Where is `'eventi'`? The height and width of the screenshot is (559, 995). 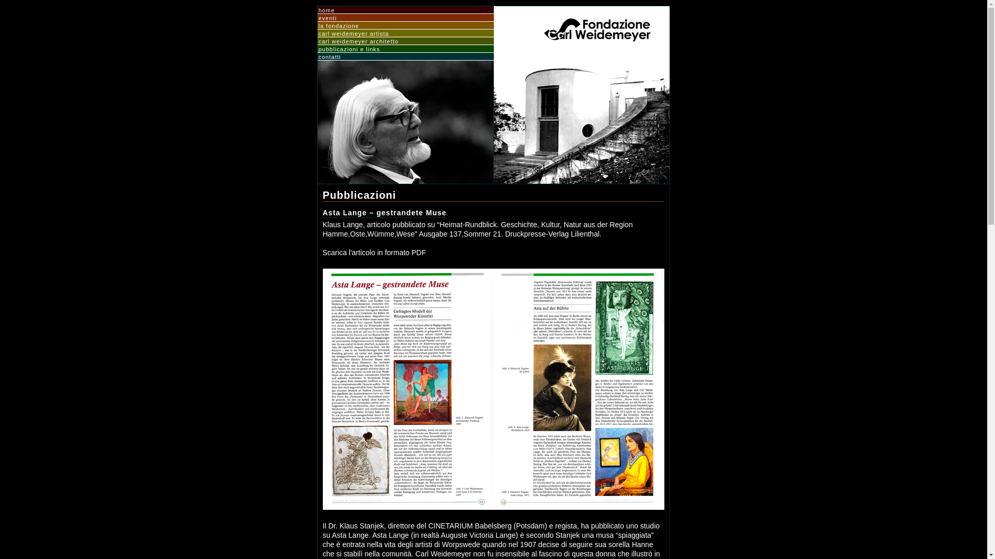 'eventi' is located at coordinates (405, 18).